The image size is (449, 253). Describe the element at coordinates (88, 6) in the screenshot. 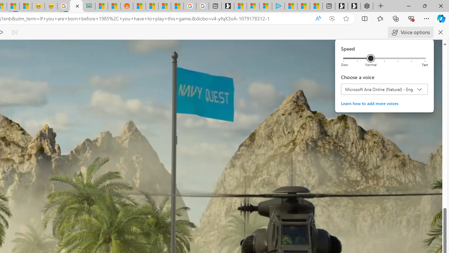

I see `'DITOGAMES AG Imprint'` at that location.